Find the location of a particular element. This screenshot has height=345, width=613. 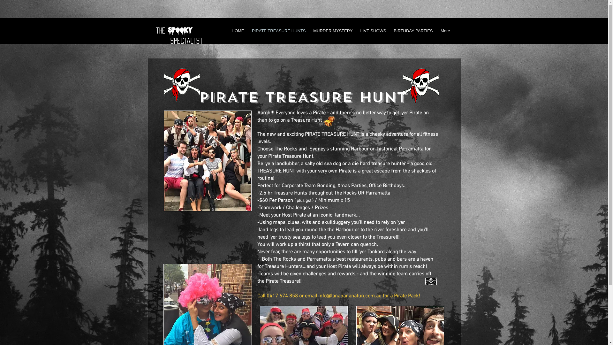

'the            specialist' is located at coordinates (156, 35).